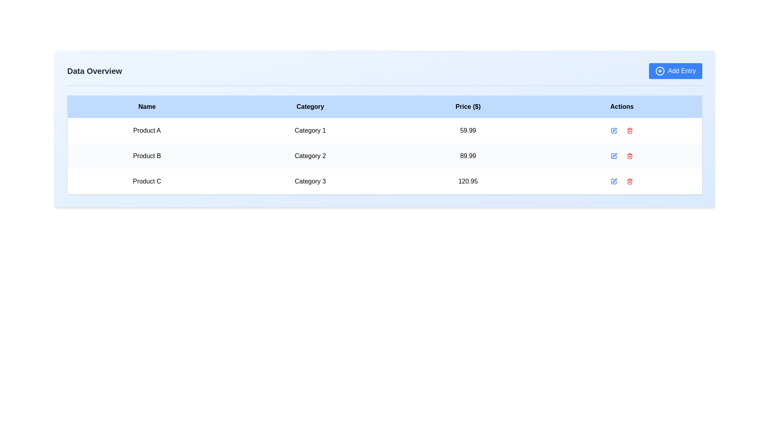  Describe the element at coordinates (622, 106) in the screenshot. I see `the table header cell containing the text 'Actions', which is styled with a light blue background and centered bold black text, located in the 'Data Overview' section as the last header cell` at that location.